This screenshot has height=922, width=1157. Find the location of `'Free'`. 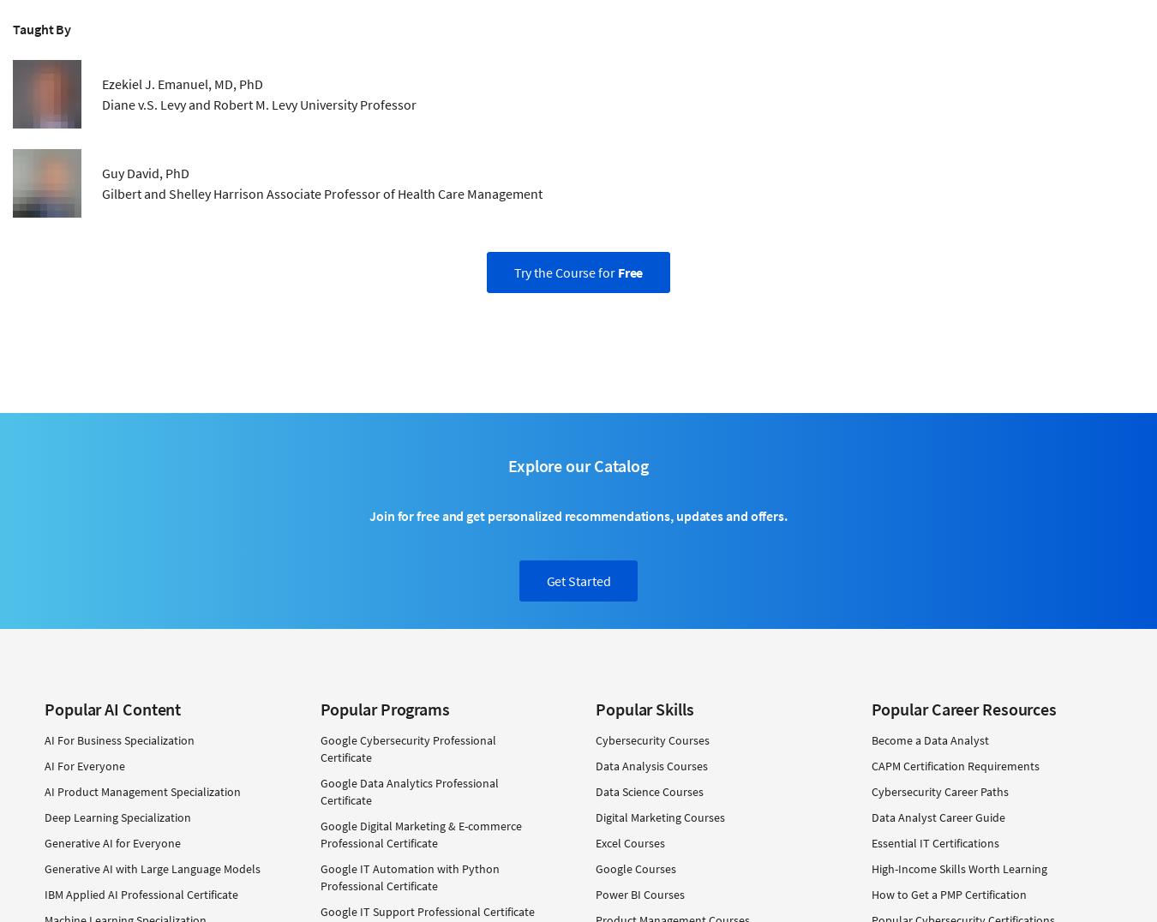

'Free' is located at coordinates (615, 272).